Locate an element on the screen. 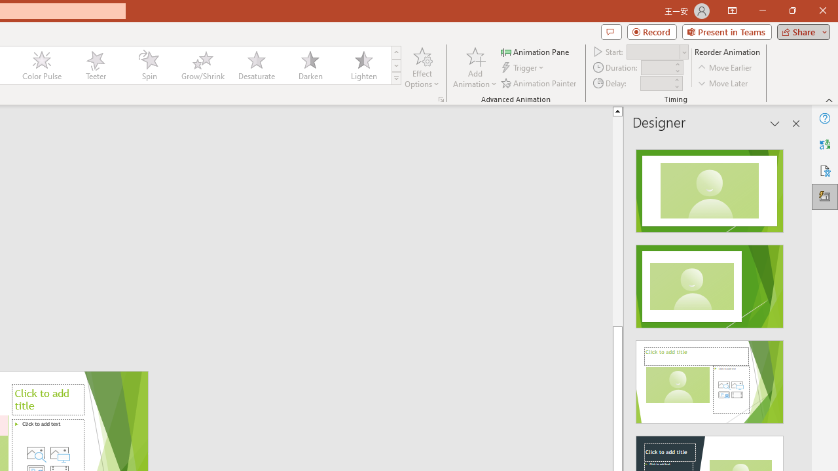  'Design Idea' is located at coordinates (709, 377).